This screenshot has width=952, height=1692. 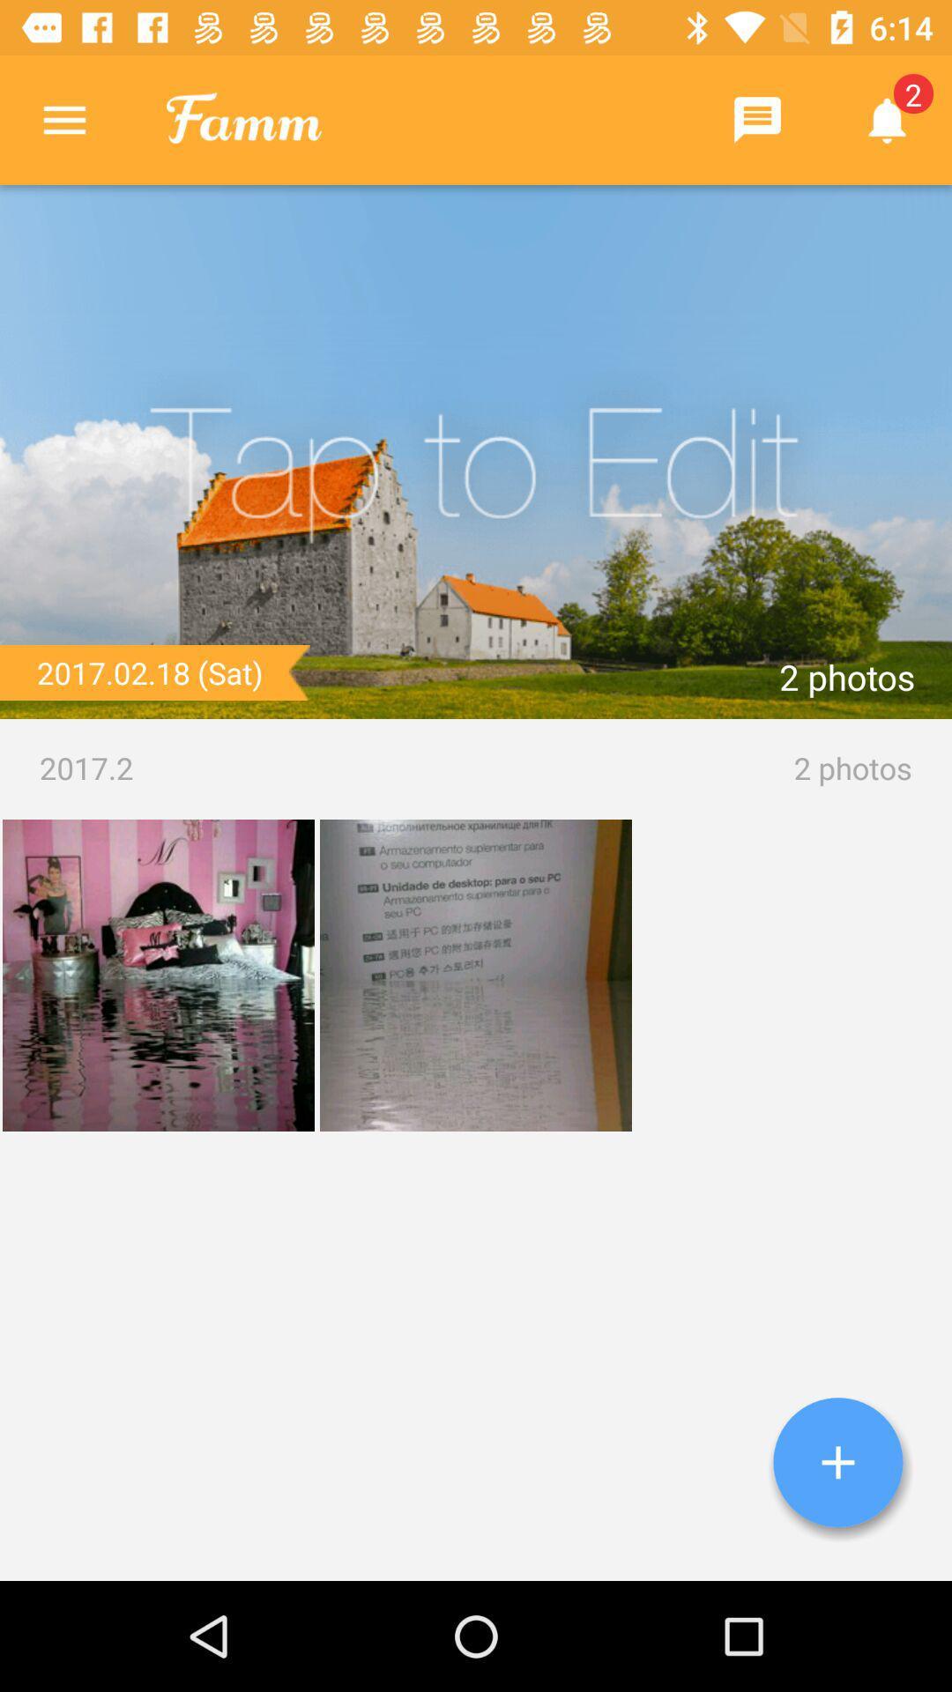 I want to click on the icon below the 2017.2 icon, so click(x=837, y=1462).